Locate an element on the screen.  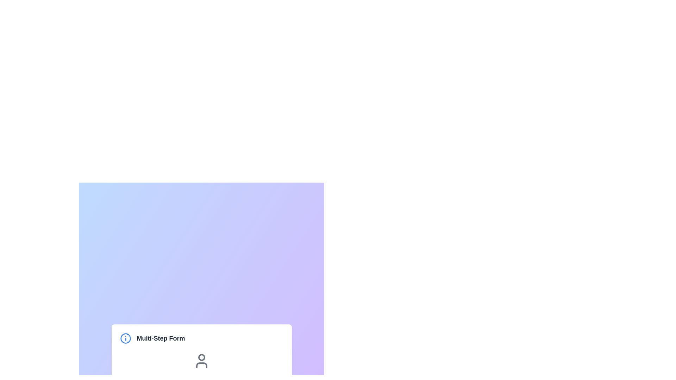
the Information Icon located to the left of the 'Multi-Step Form' heading, which provides users with access to additional information or guidance is located at coordinates (125, 338).